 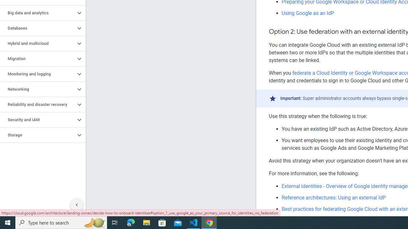 I want to click on 'Hybrid and multicloud', so click(x=37, y=43).